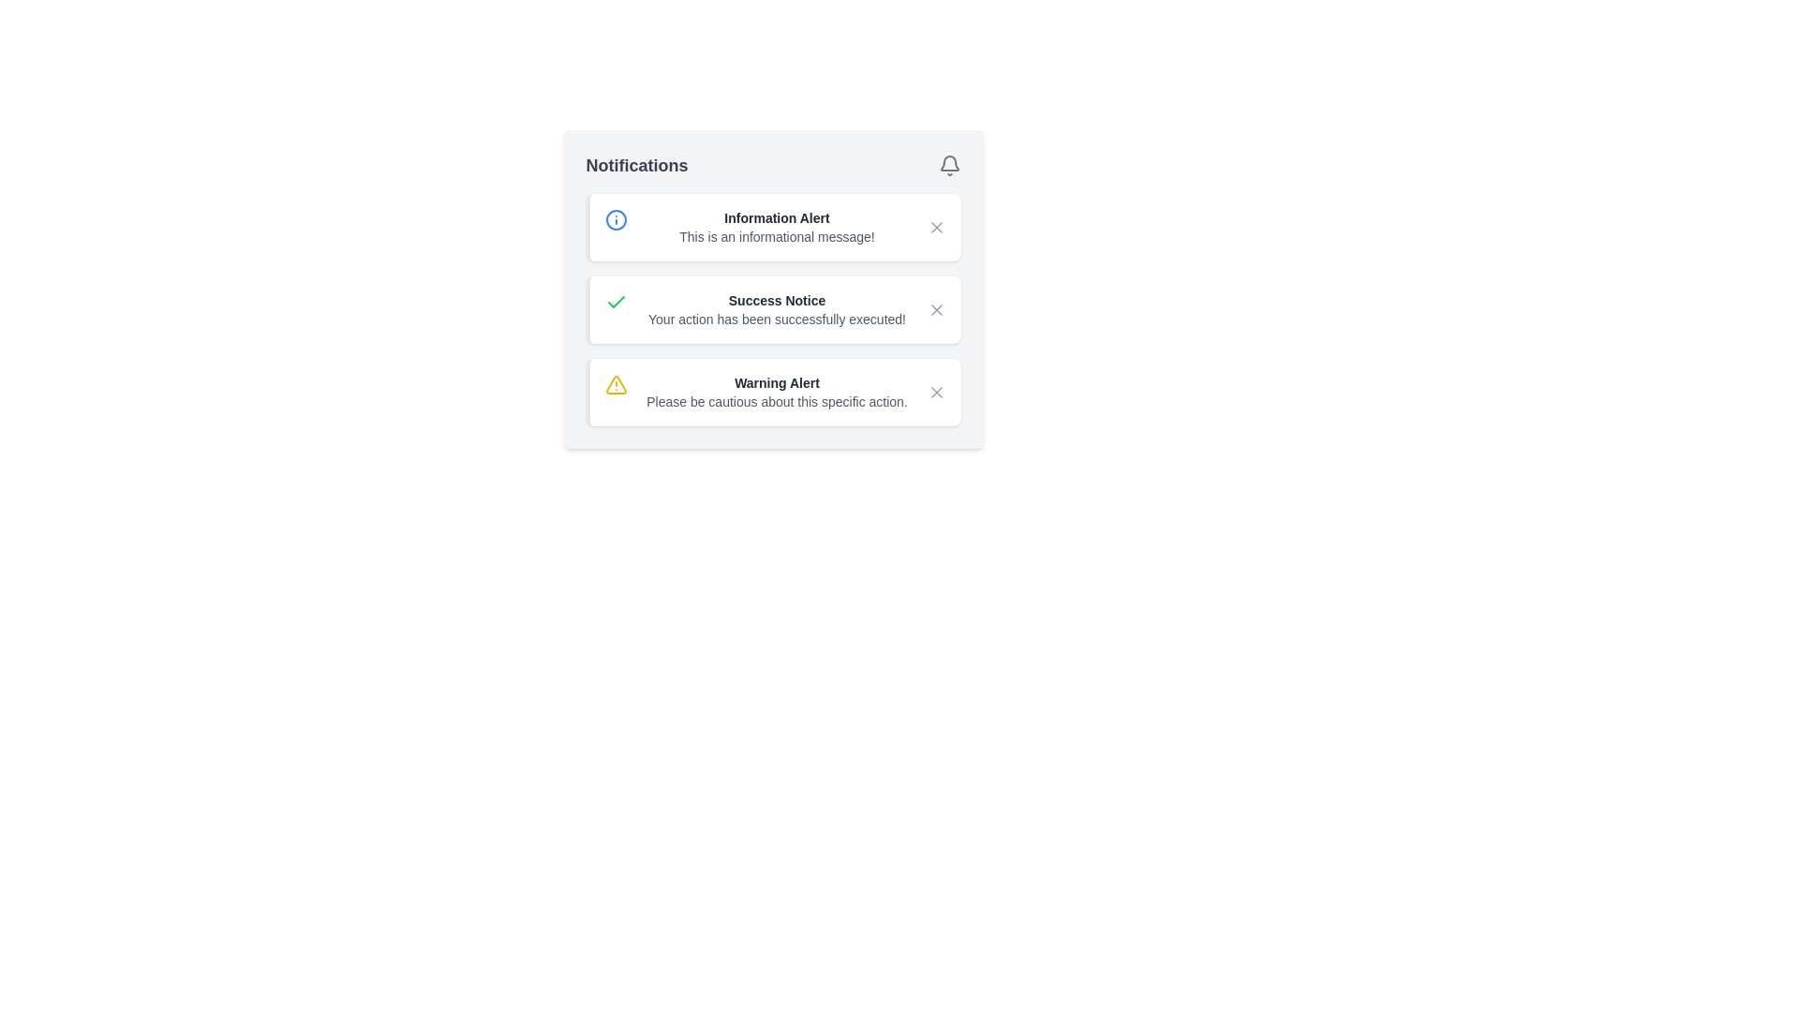 The height and width of the screenshot is (1012, 1799). I want to click on the first notification item in the notification panel, which provides a non-critical informative alert, so click(777, 227).